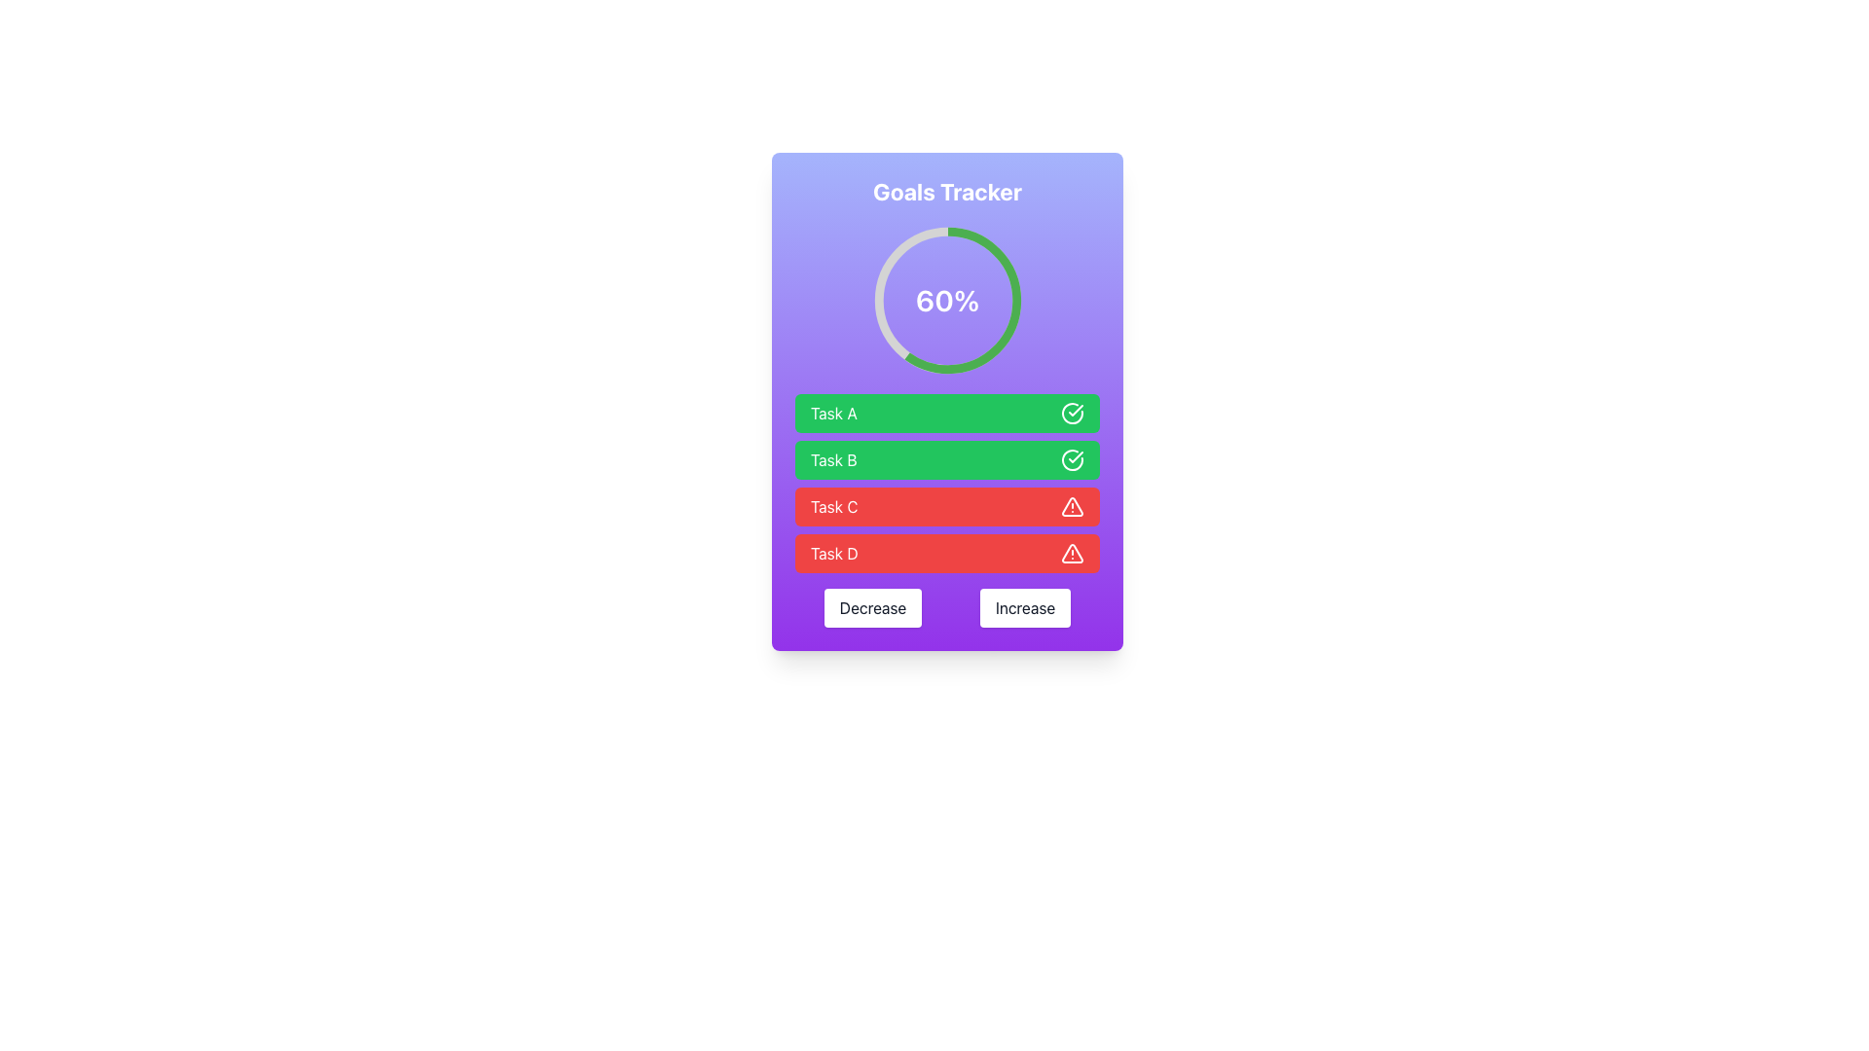  What do you see at coordinates (872, 606) in the screenshot?
I see `the leftmost button in the horizontal pair at the bottom center of the interface` at bounding box center [872, 606].